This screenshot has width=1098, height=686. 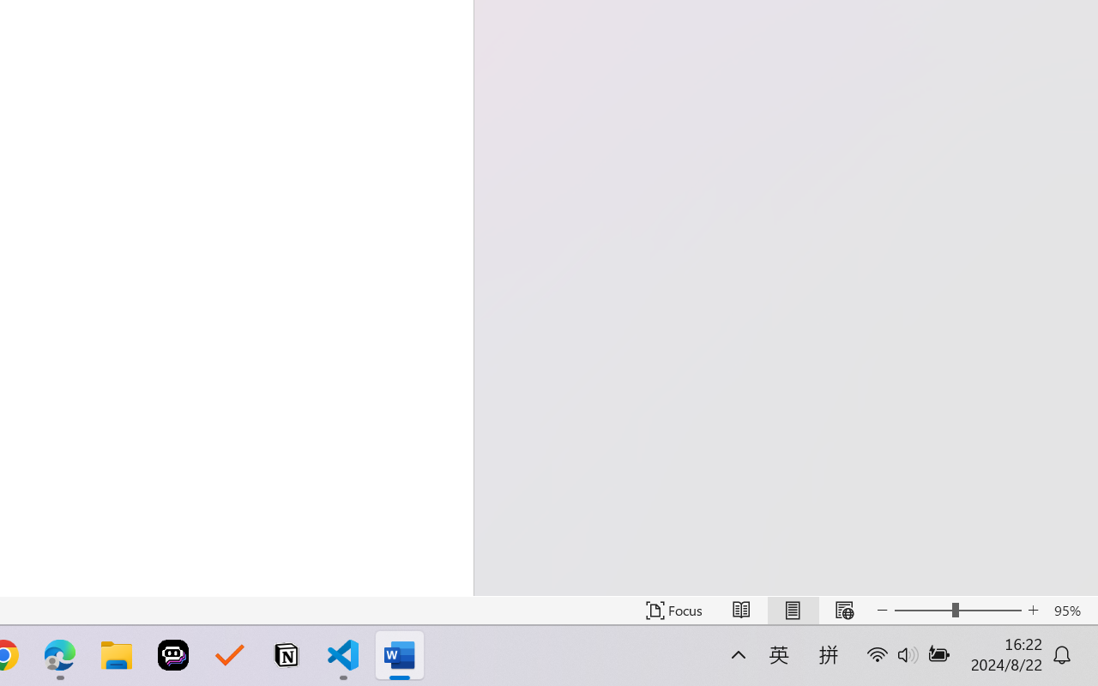 I want to click on 'Zoom 95%', so click(x=1071, y=610).